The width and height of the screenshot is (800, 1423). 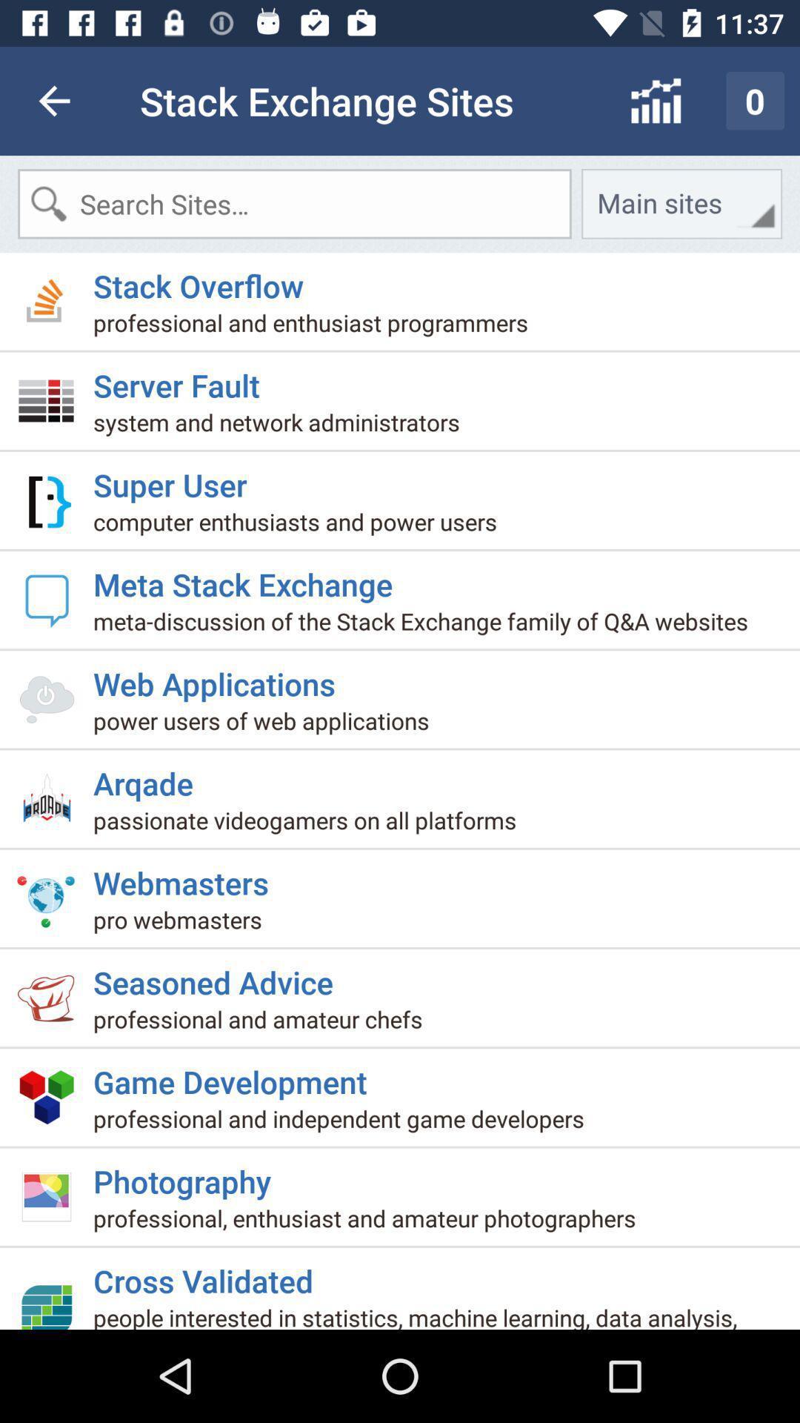 I want to click on item below the professional and enthusiast, so click(x=181, y=379).